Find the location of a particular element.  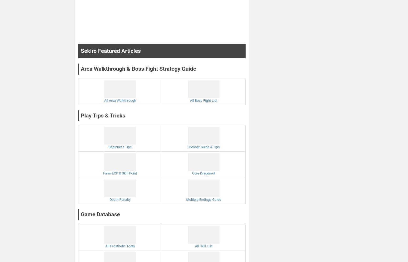

'Beginner's Tips' is located at coordinates (120, 147).